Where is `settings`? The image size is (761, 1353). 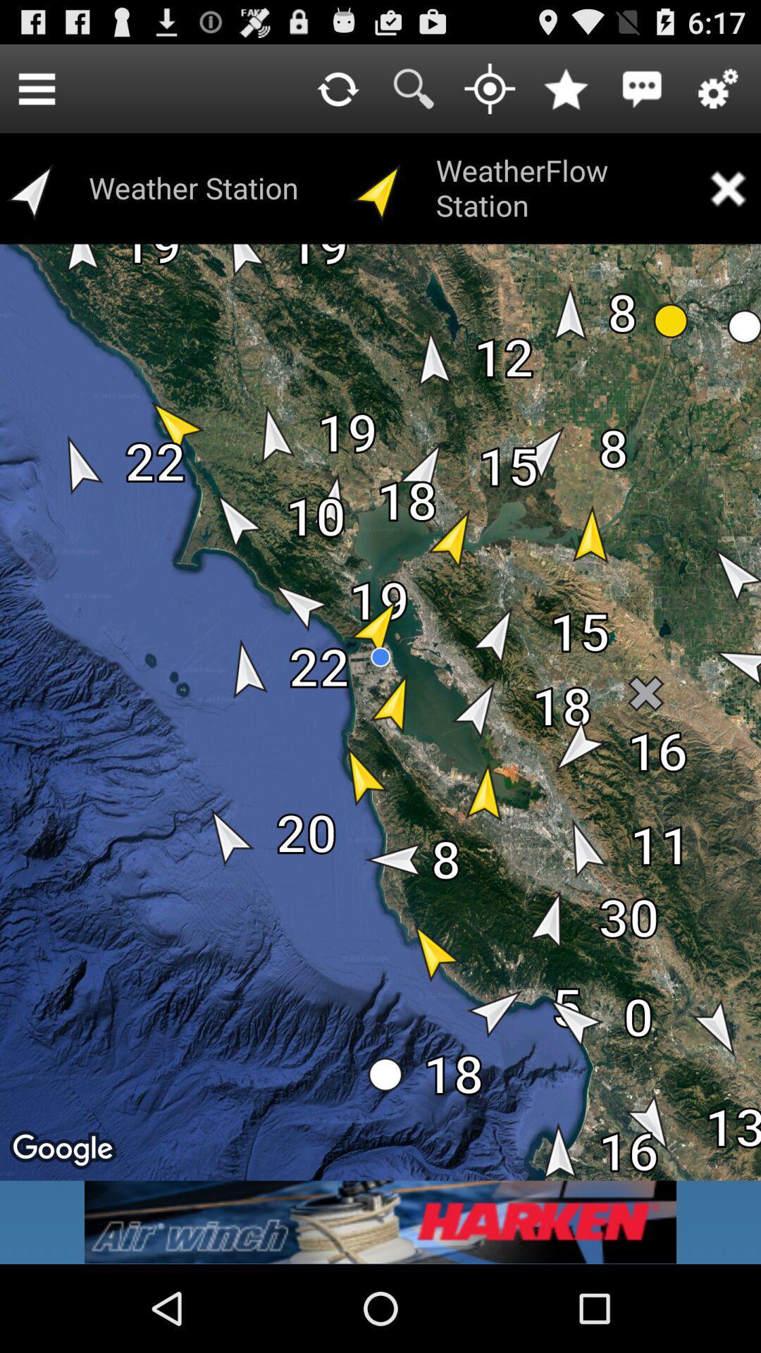
settings is located at coordinates (718, 87).